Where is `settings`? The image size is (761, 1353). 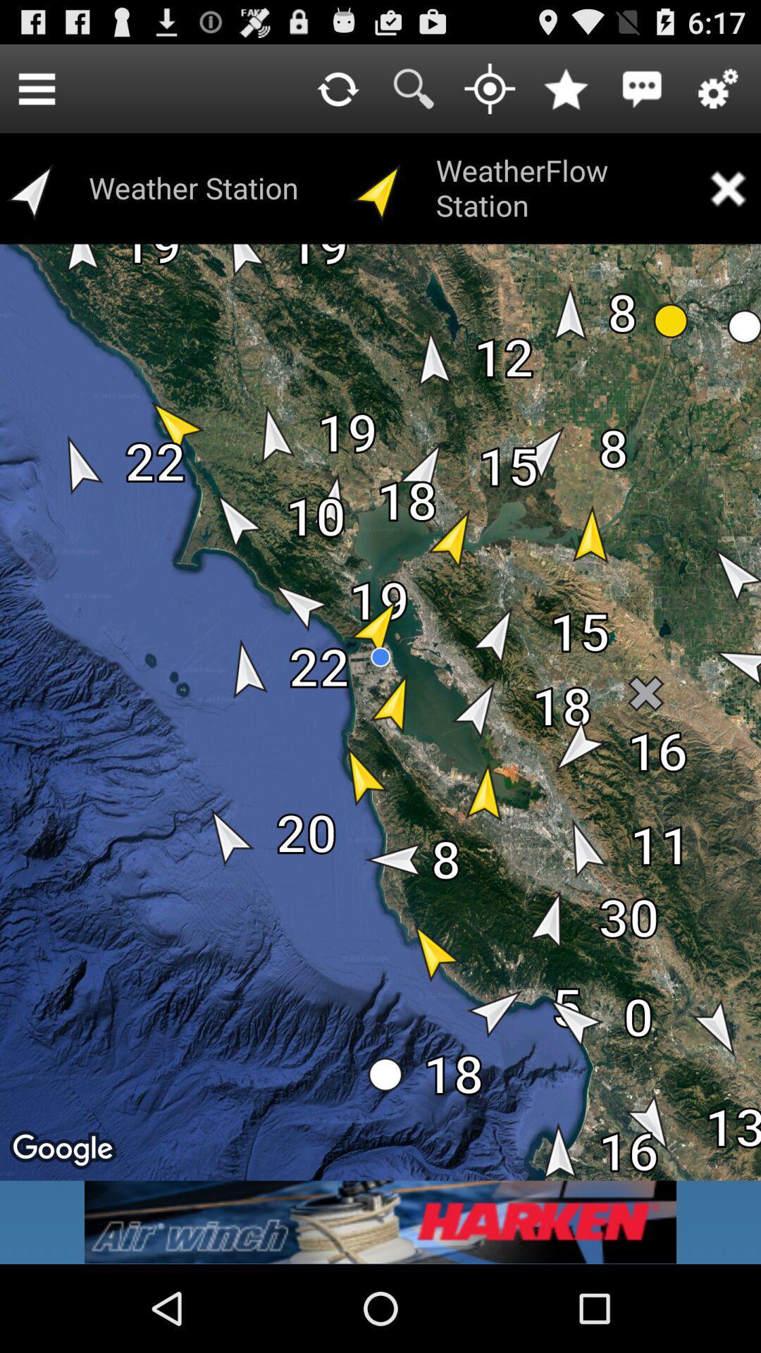
settings is located at coordinates (718, 87).